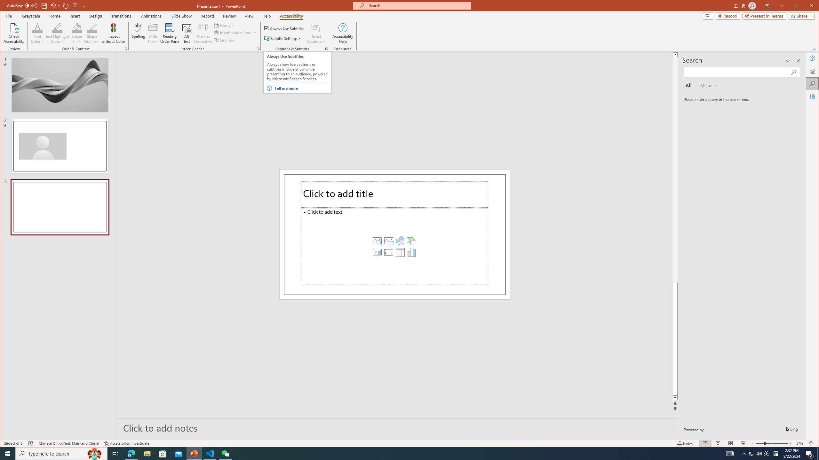 The height and width of the screenshot is (460, 819). What do you see at coordinates (301, 88) in the screenshot?
I see `'Tell me more'` at bounding box center [301, 88].